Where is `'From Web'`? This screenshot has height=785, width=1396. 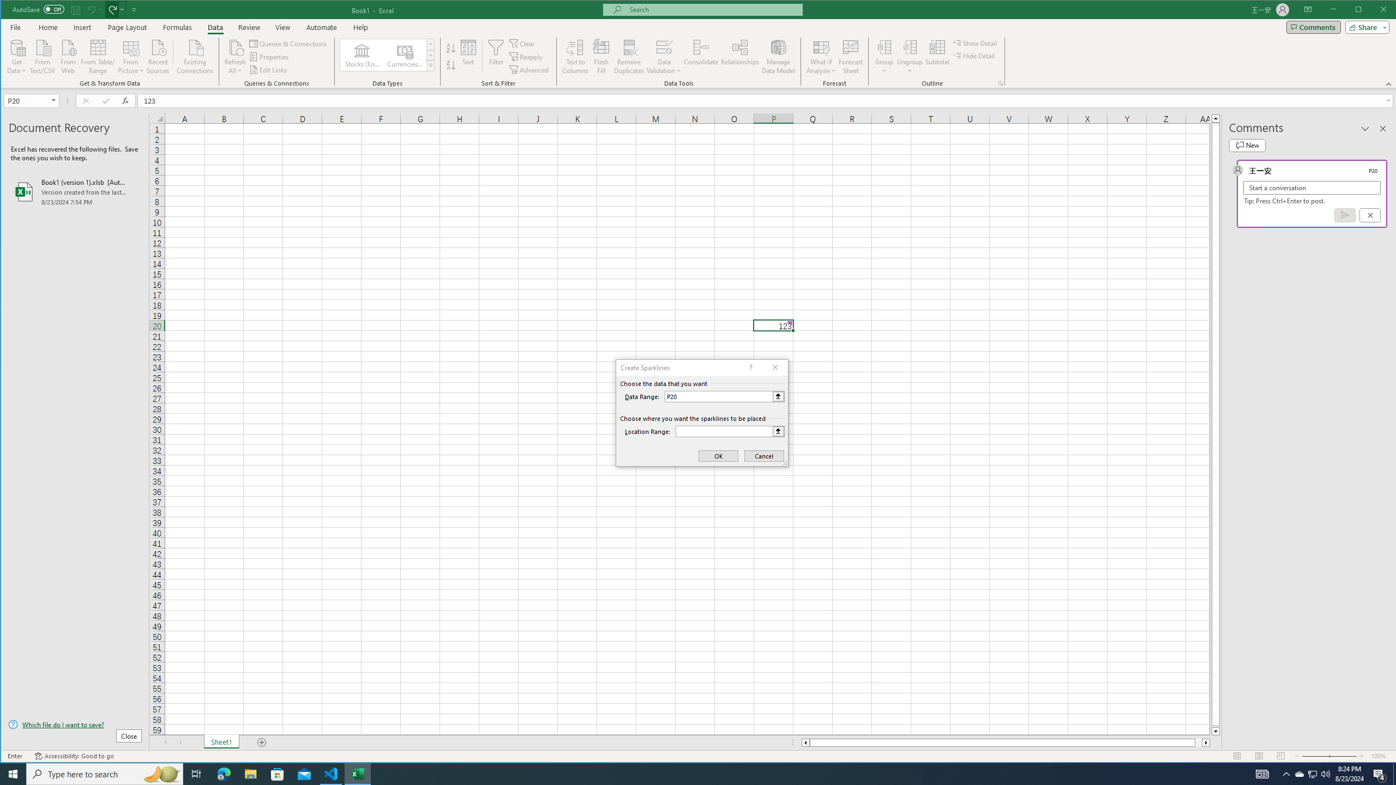
'From Web' is located at coordinates (68, 56).